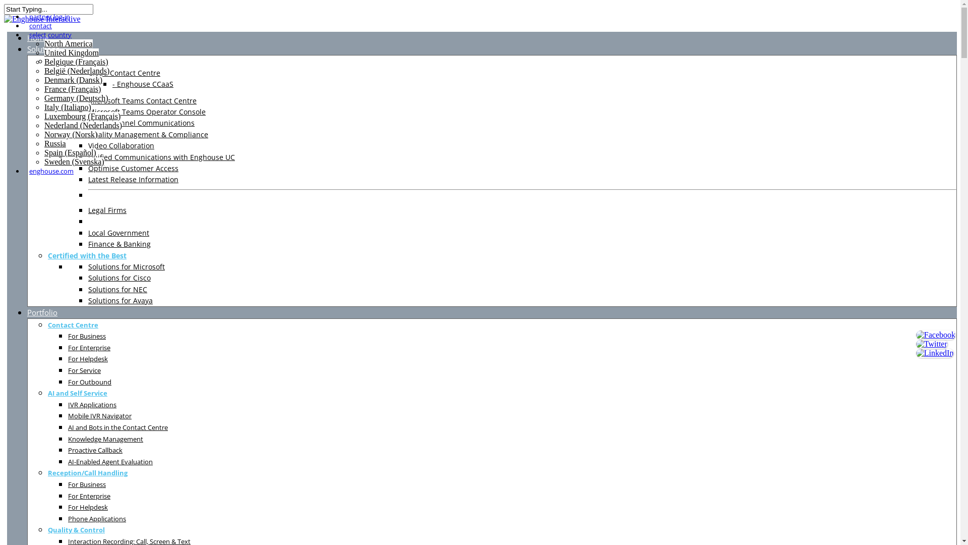 This screenshot has width=968, height=545. Describe the element at coordinates (121, 145) in the screenshot. I see `'Video Collaboration'` at that location.